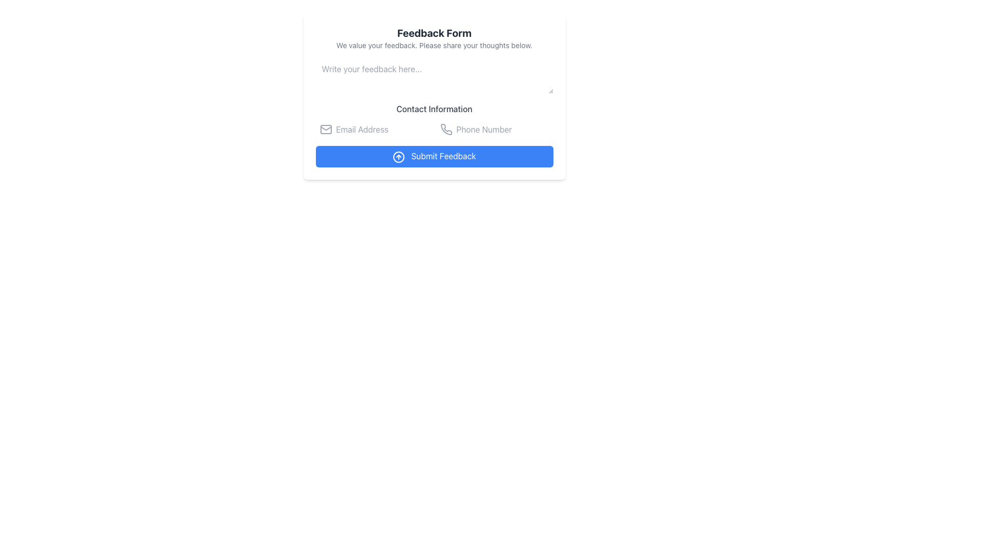 This screenshot has height=553, width=983. I want to click on the informational text displaying 'We value your feedback. Please share your thoughts below.' which is located below the 'Feedback Form' title and above the feedback input field, so click(434, 45).